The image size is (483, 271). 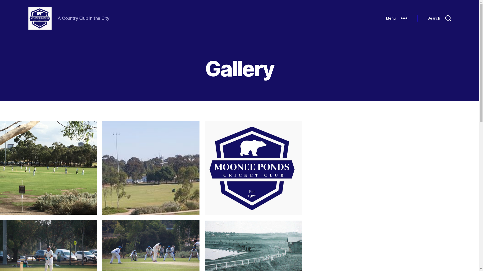 What do you see at coordinates (439, 18) in the screenshot?
I see `'Search'` at bounding box center [439, 18].